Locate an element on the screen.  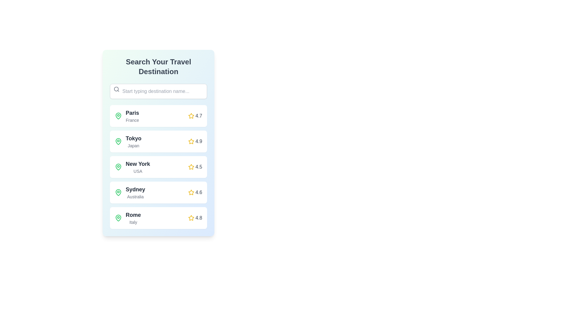
the star icon located in the 'Tokyo, Japan' row, which serves as a visual indicator for the rating system to rate the destination is located at coordinates (191, 141).